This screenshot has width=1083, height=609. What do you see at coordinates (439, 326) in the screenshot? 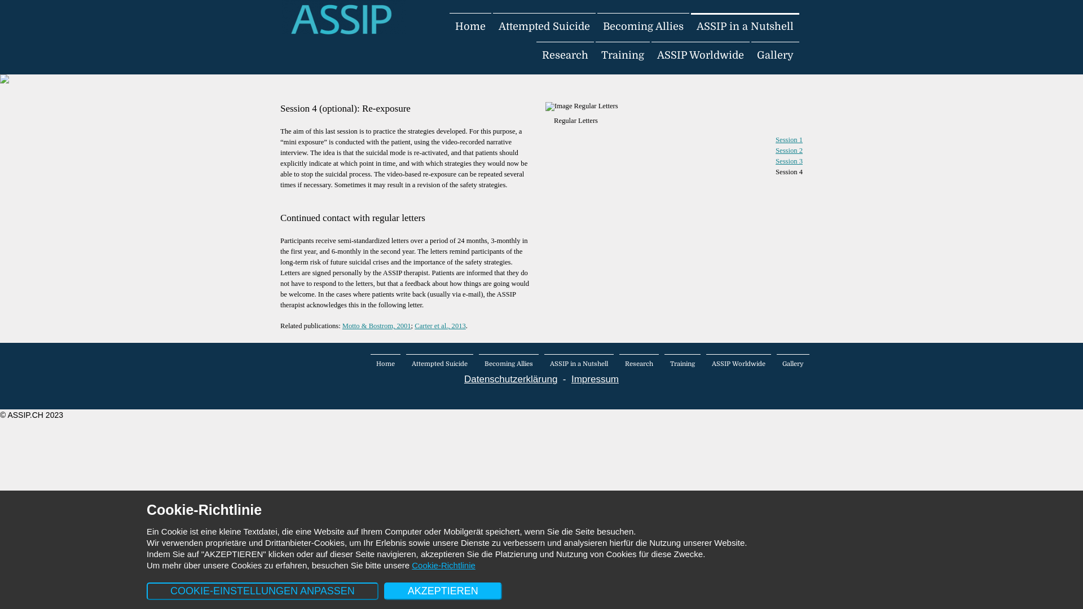
I see `'Carter et al., 2013'` at bounding box center [439, 326].